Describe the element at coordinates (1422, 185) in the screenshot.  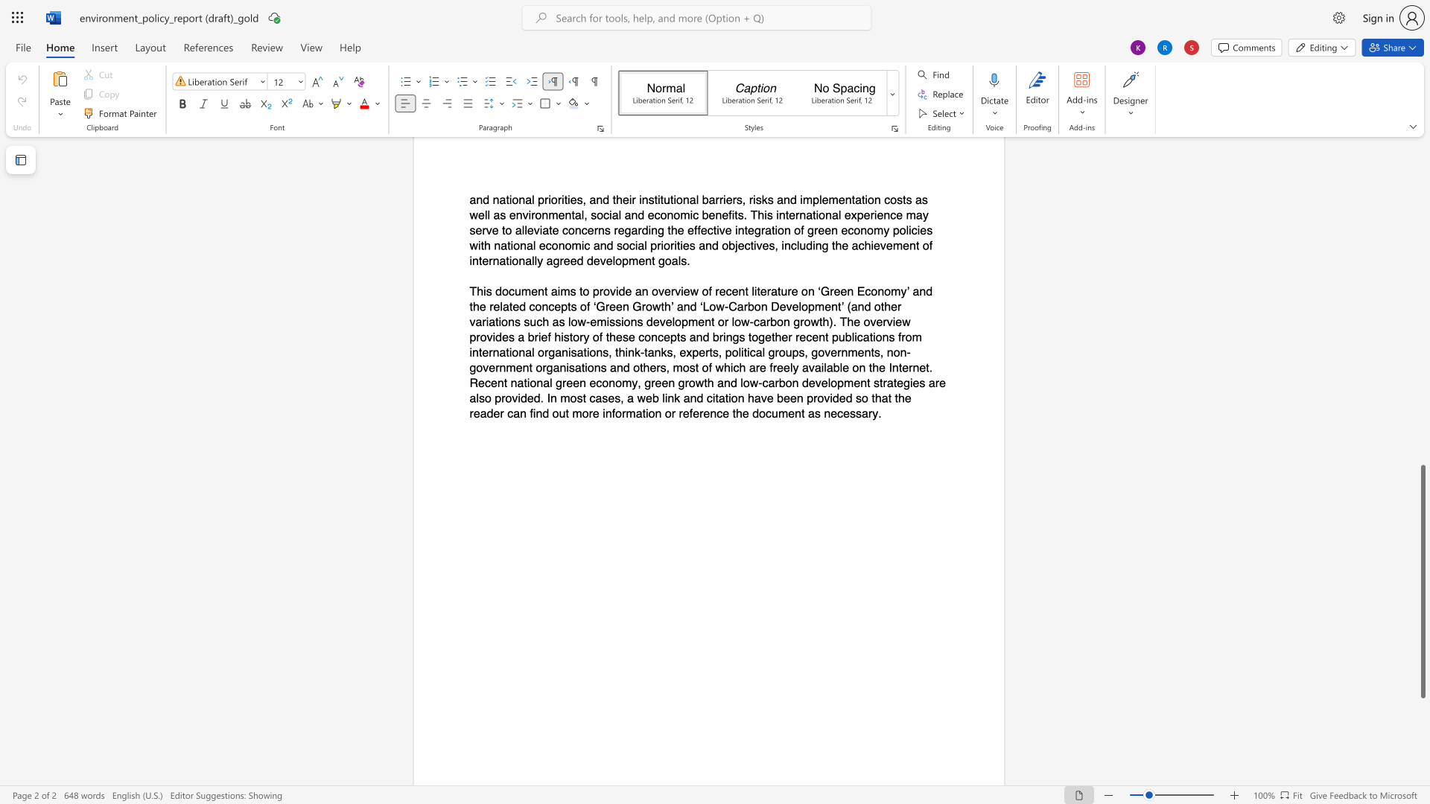
I see `the scrollbar to scroll the page up` at that location.